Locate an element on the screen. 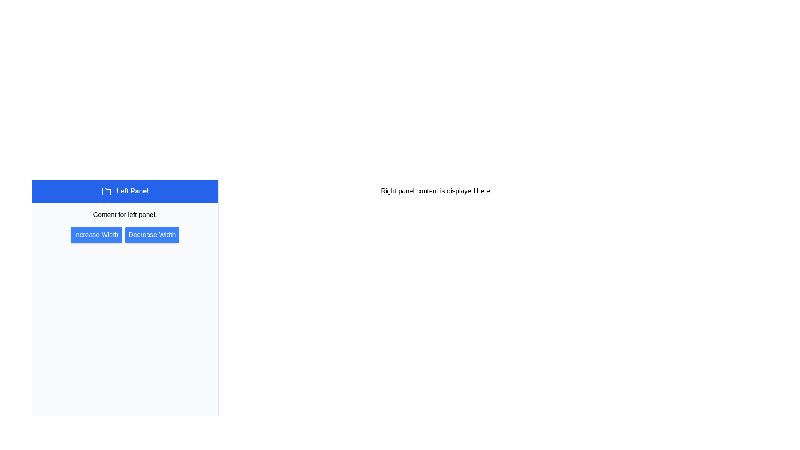  the first button in the left panel button group that increases the width of a specific component is located at coordinates (96, 235).